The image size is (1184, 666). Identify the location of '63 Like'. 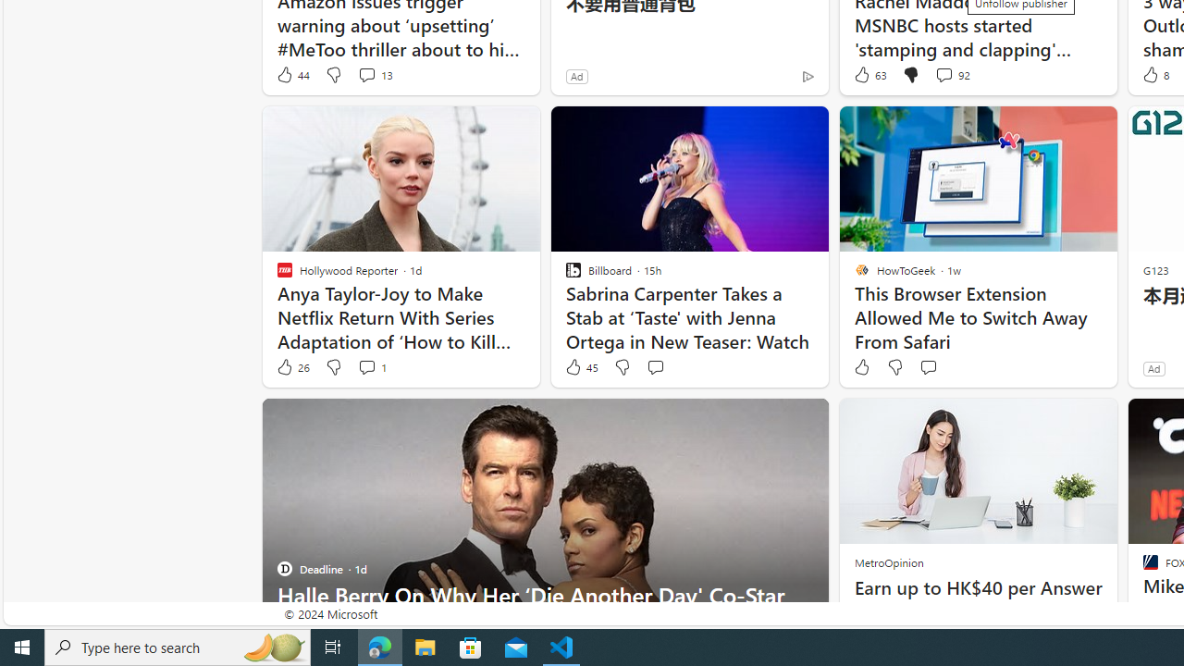
(868, 74).